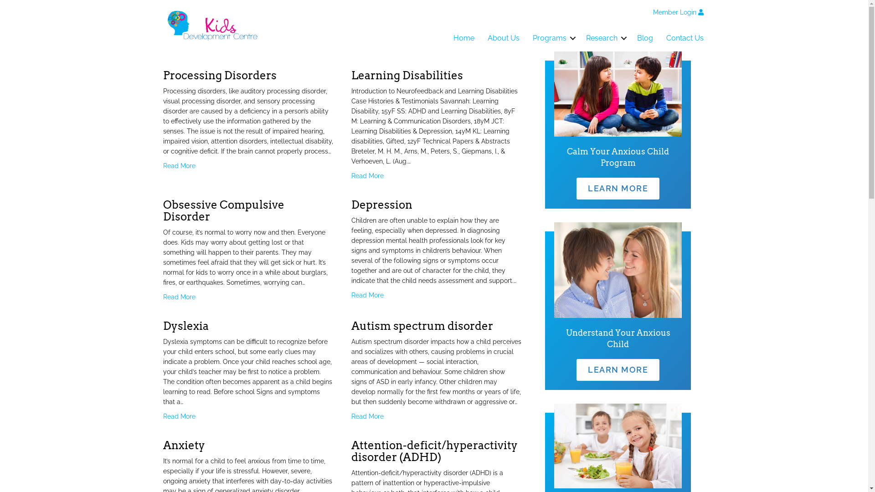 The image size is (875, 492). Describe the element at coordinates (618, 370) in the screenshot. I see `'LEARN MORE'` at that location.